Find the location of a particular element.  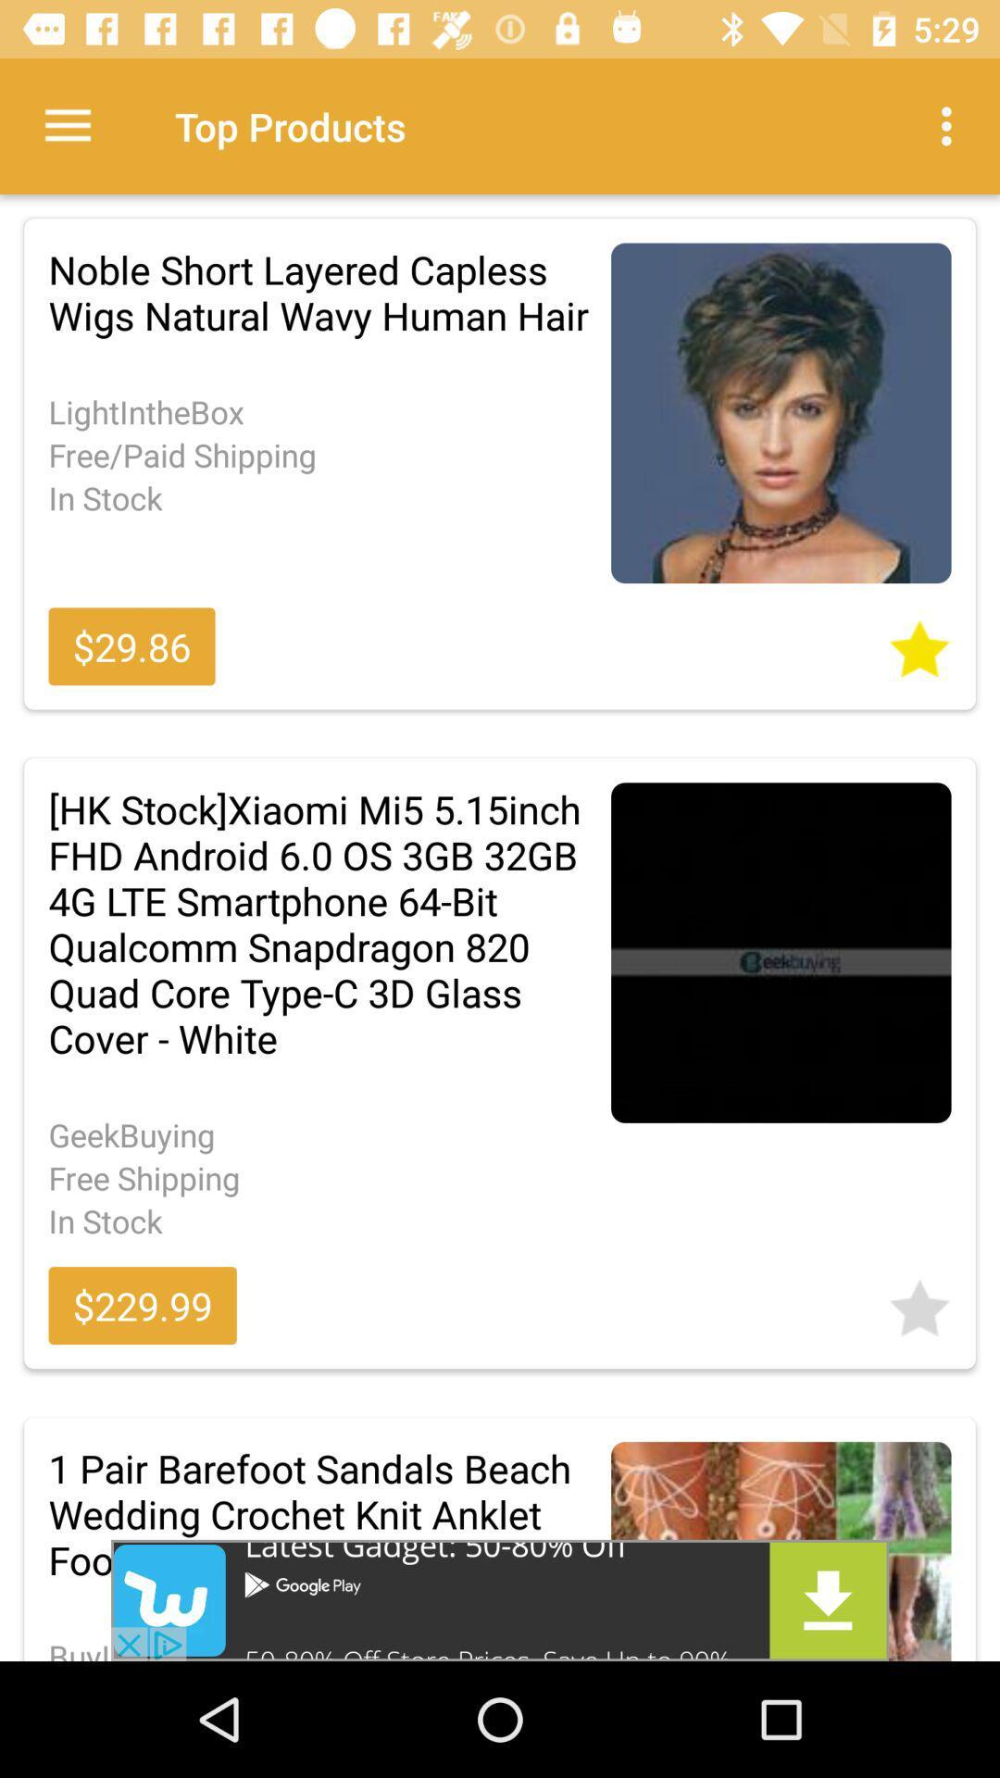

the second image is located at coordinates (781, 952).